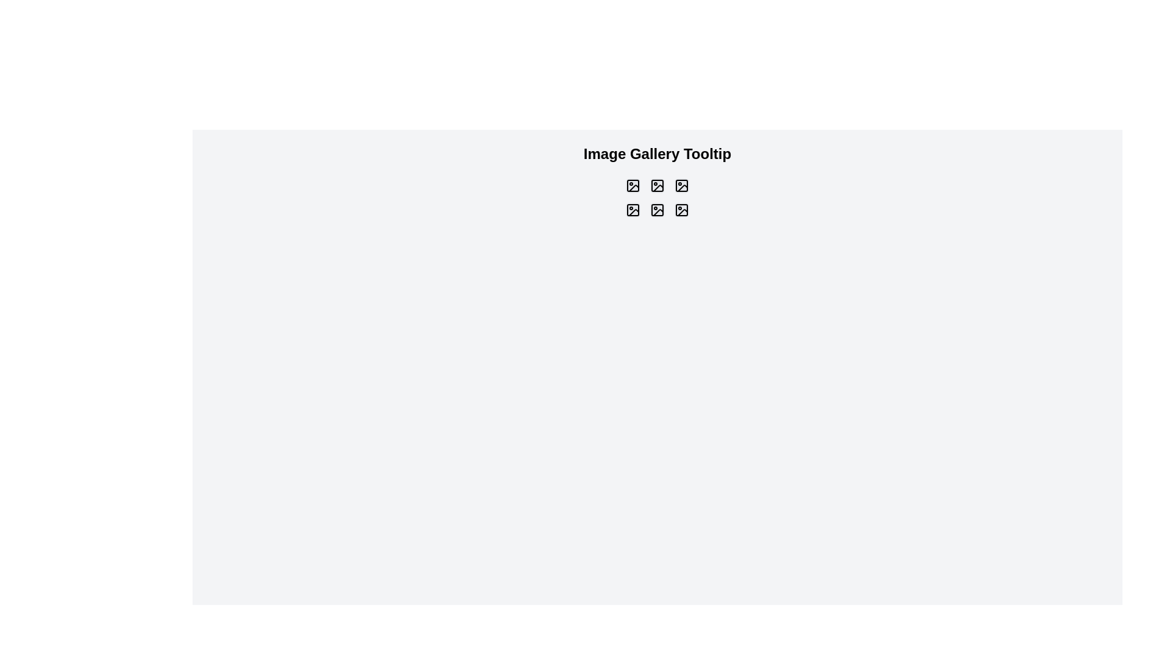  What do you see at coordinates (657, 209) in the screenshot?
I see `the interactive icon located in the second row, middle column of a 2x3 grid layout` at bounding box center [657, 209].